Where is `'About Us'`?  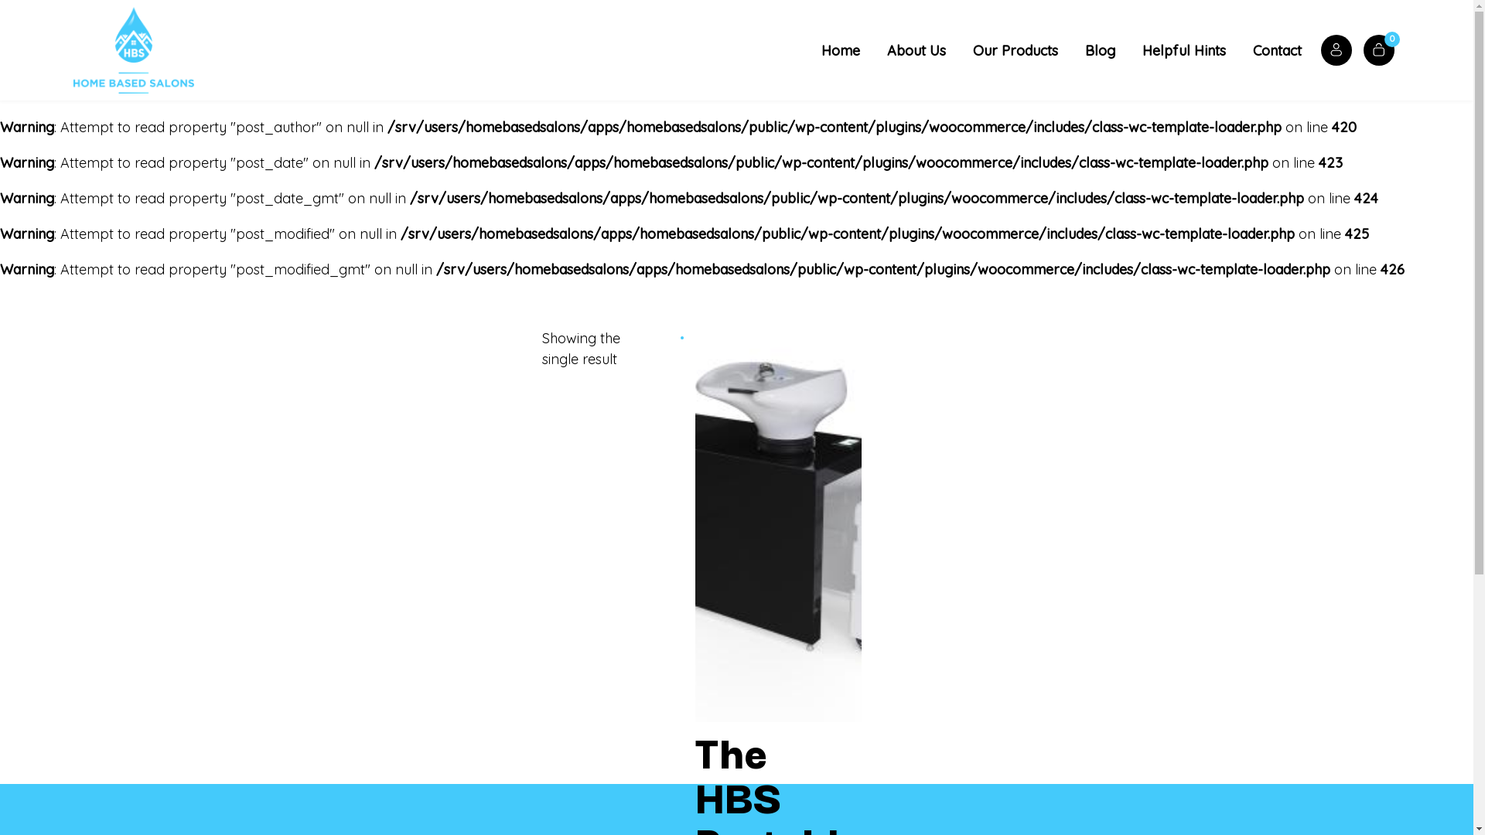
'About Us' is located at coordinates (887, 49).